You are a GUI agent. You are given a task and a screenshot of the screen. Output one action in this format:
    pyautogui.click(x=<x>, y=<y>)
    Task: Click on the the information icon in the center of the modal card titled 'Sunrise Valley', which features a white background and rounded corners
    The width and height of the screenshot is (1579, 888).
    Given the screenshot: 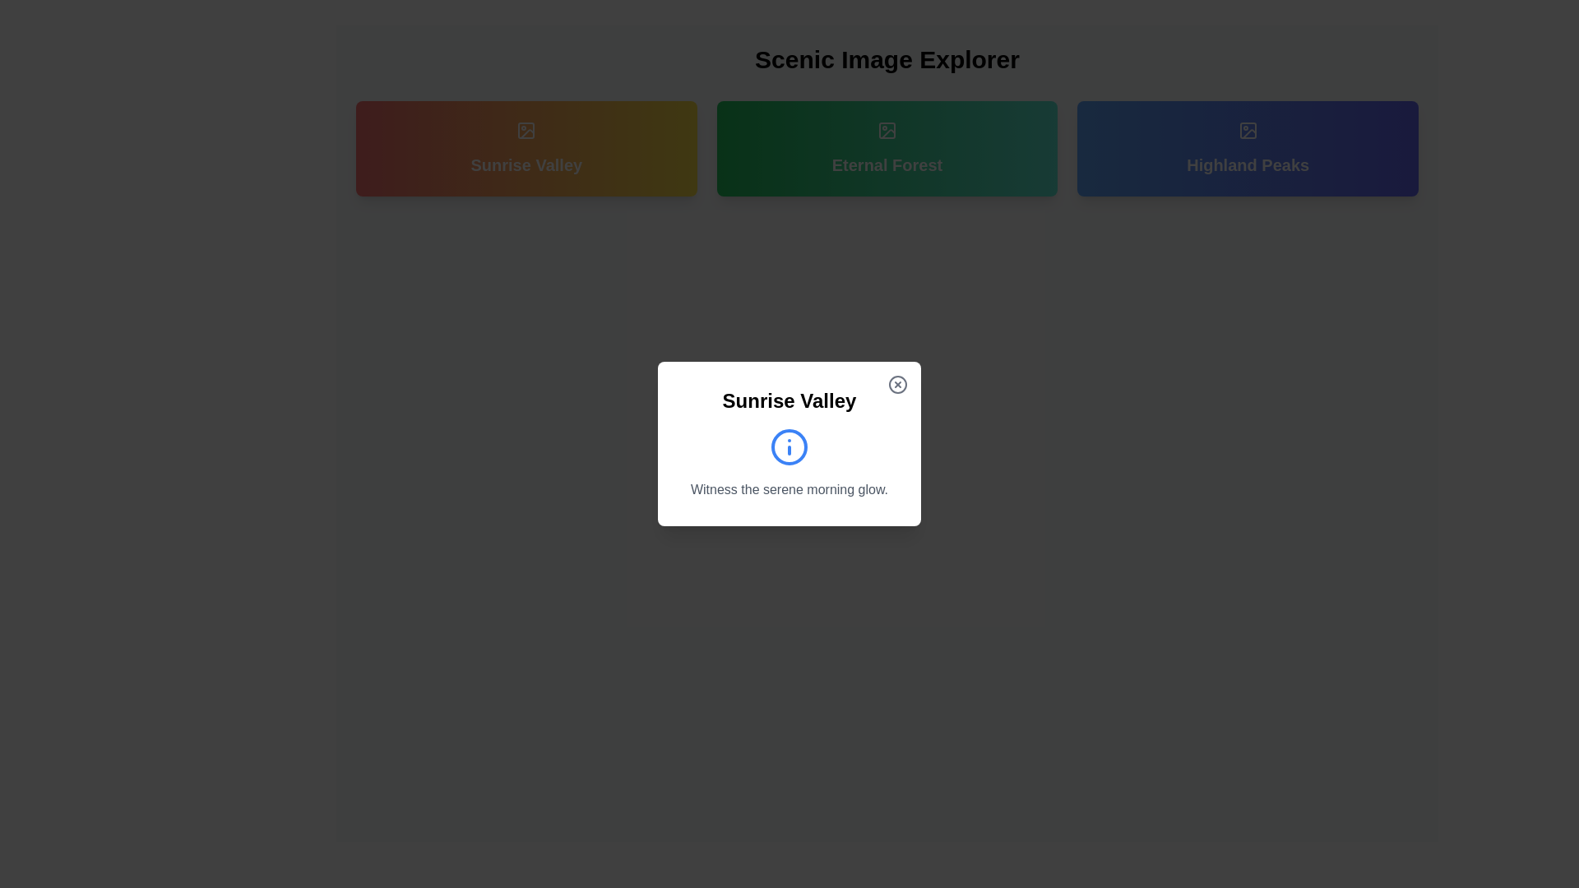 What is the action you would take?
    pyautogui.click(x=789, y=444)
    